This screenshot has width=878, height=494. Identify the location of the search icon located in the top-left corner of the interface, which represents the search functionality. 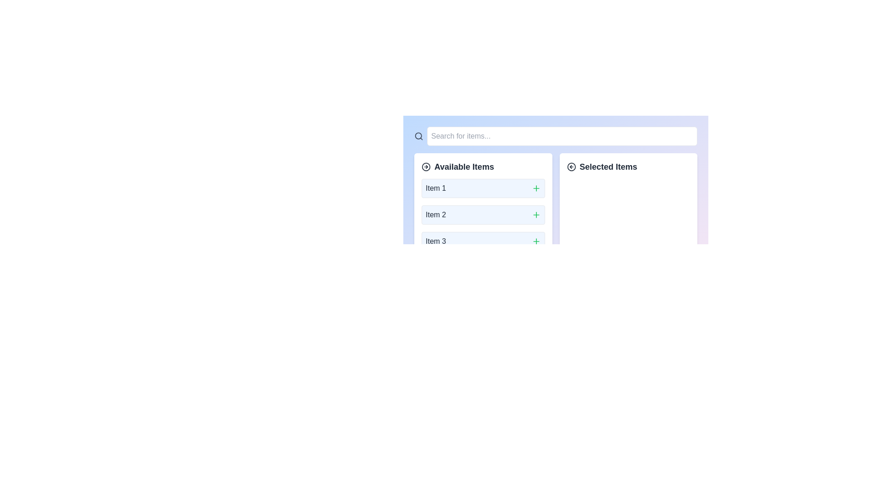
(418, 136).